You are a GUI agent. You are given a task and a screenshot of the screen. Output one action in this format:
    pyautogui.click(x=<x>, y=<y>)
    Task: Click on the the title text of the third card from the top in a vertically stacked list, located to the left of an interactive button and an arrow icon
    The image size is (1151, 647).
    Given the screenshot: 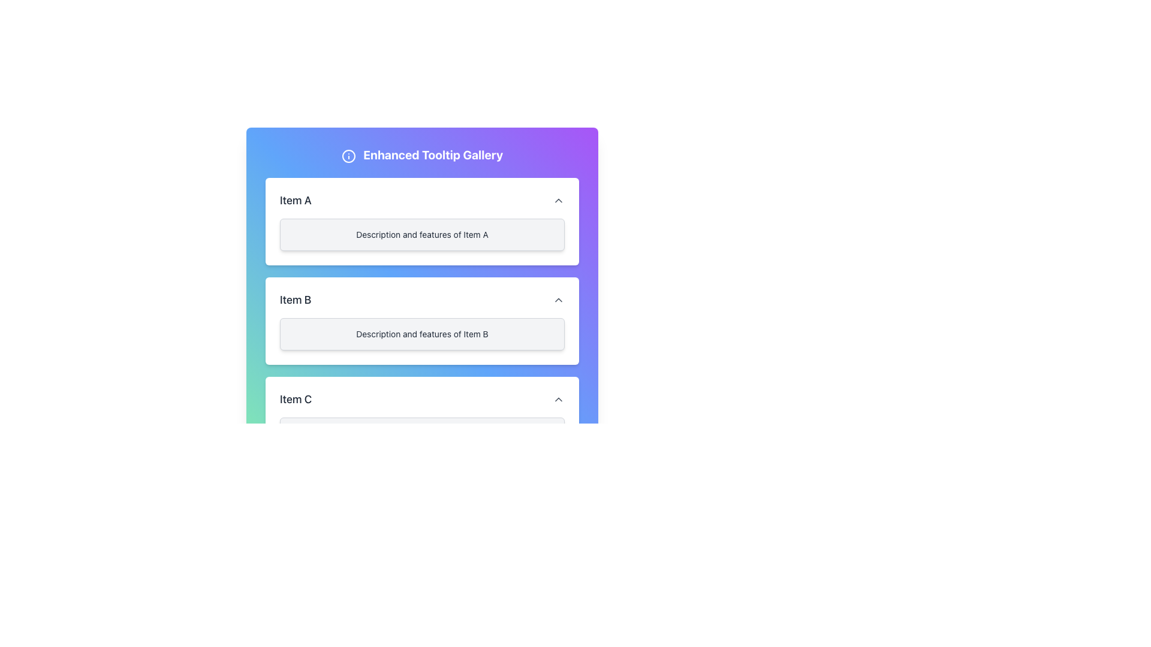 What is the action you would take?
    pyautogui.click(x=296, y=400)
    